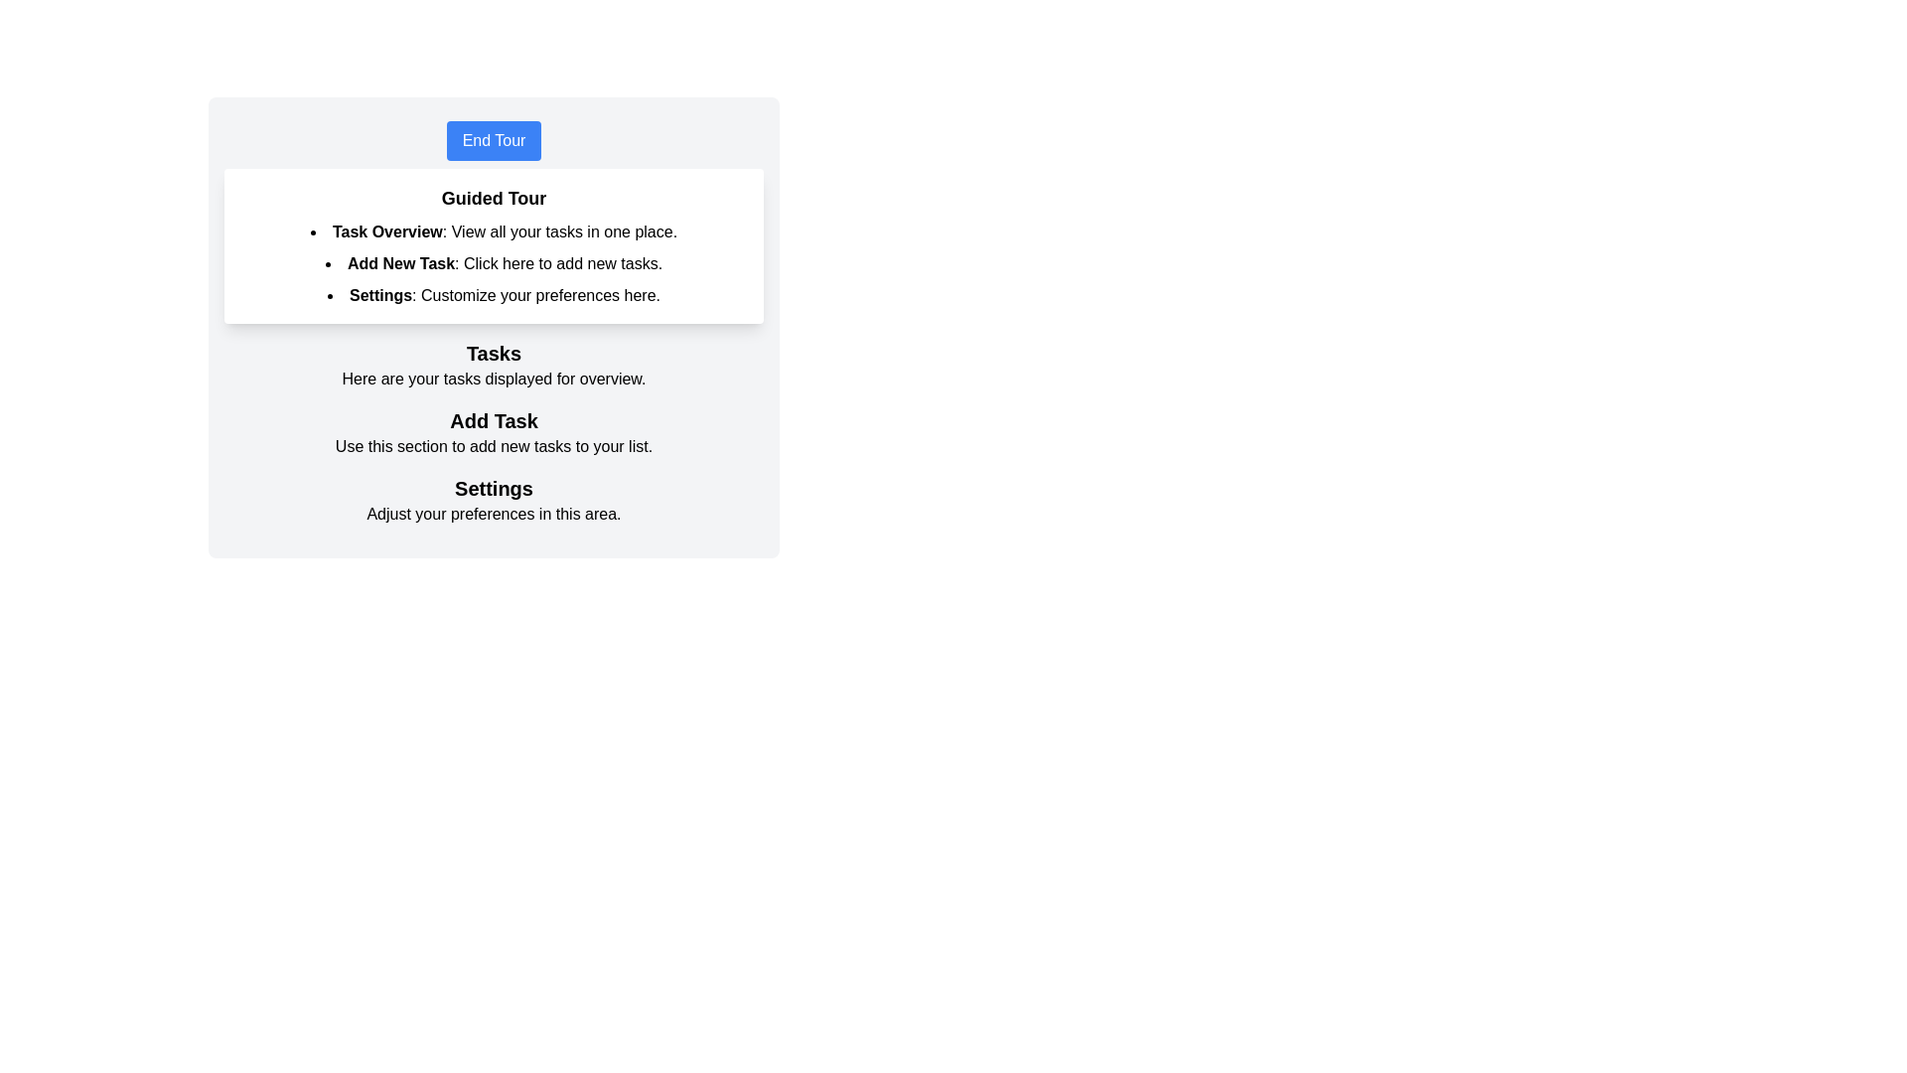  Describe the element at coordinates (494, 295) in the screenshot. I see `the descriptive text element in the 'Guided Tour' section, which is the last item in a bullet point list explaining the settings feature` at that location.